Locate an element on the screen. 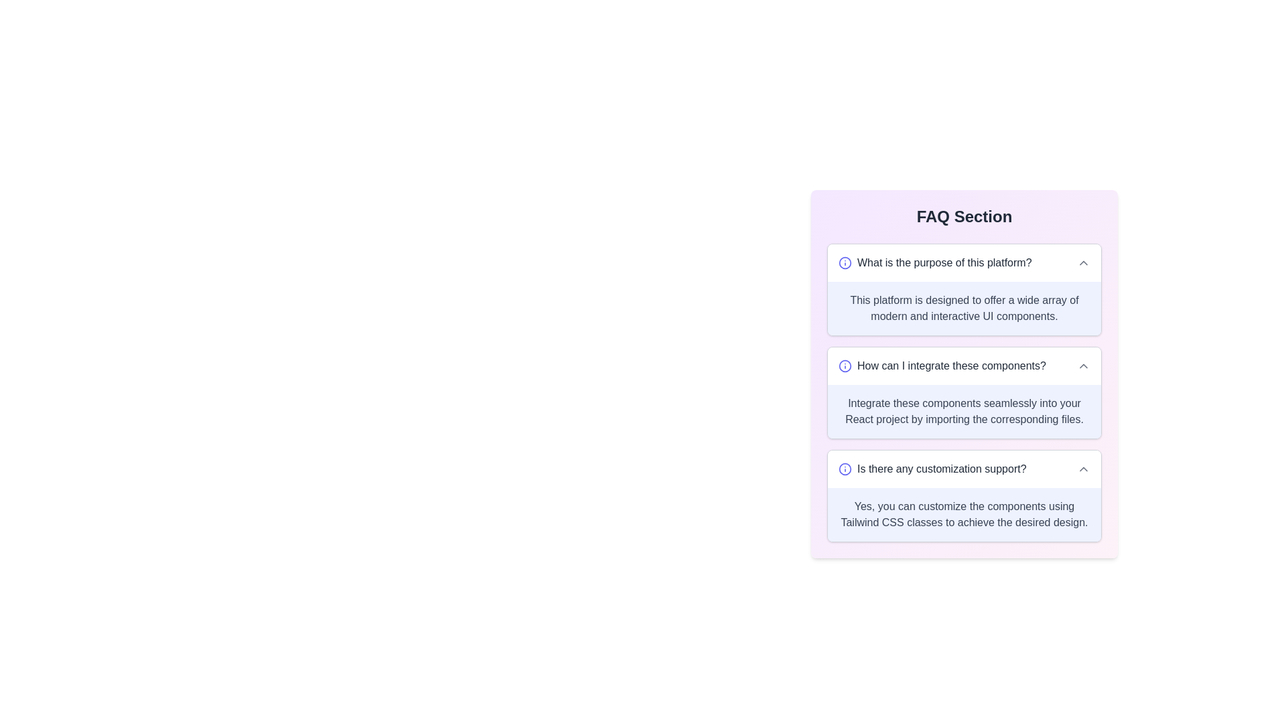  the circular component of the information icon located beside the third FAQ item, which is marked with red is located at coordinates (845, 469).